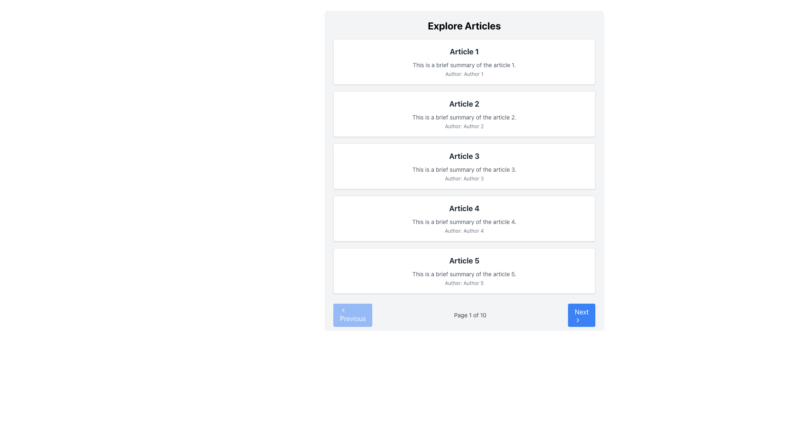  I want to click on the Content Card titled 'Article 1', which is the first card in a vertical list of articles, located just below the 'Explore Articles' section header, so click(464, 61).